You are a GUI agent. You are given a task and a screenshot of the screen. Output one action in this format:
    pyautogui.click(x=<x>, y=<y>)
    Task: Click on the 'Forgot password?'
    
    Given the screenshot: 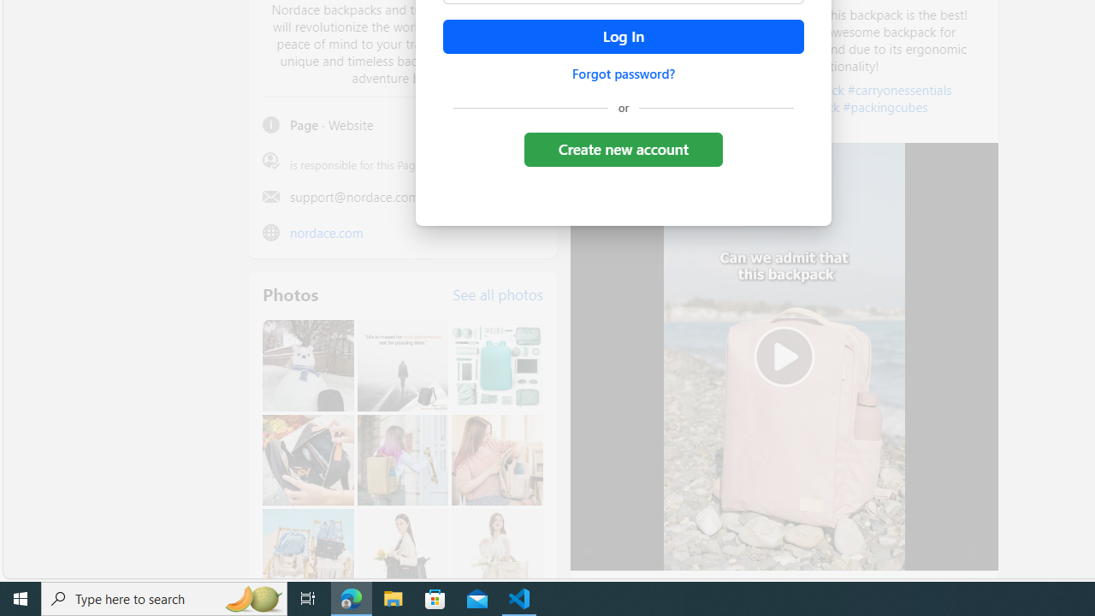 What is the action you would take?
    pyautogui.click(x=622, y=73)
    